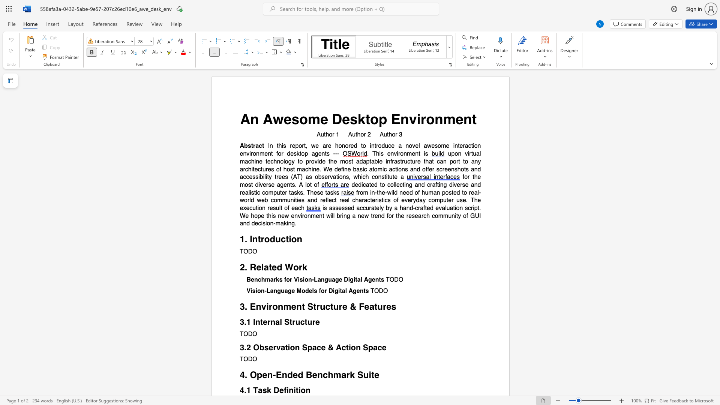 This screenshot has width=720, height=405. I want to click on the subset text "nd for the research community of" within the text "will bring a new trend for the research community of GUI and decision-making.", so click(378, 216).